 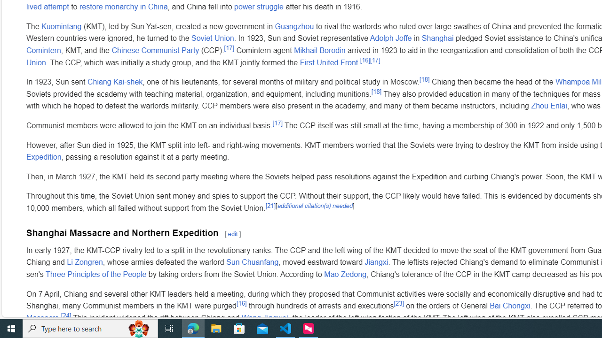 What do you see at coordinates (399, 303) in the screenshot?
I see `'[23]'` at bounding box center [399, 303].